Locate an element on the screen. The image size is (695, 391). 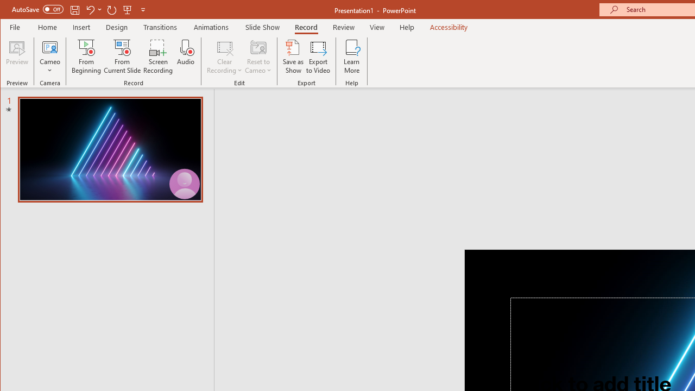
'Screen Recording' is located at coordinates (157, 56).